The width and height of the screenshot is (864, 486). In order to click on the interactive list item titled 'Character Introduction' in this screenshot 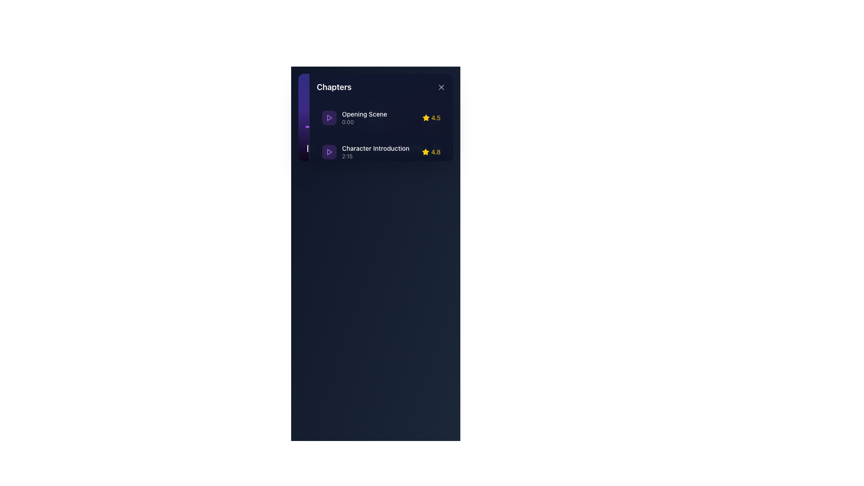, I will do `click(381, 152)`.